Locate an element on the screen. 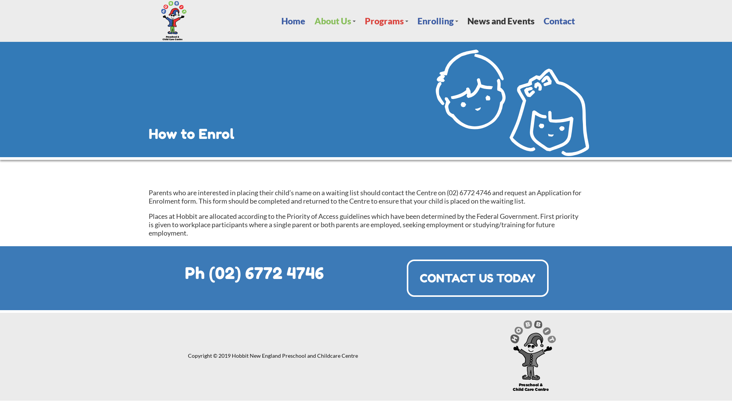 This screenshot has width=732, height=411. '(02) 6772 4746' is located at coordinates (266, 272).